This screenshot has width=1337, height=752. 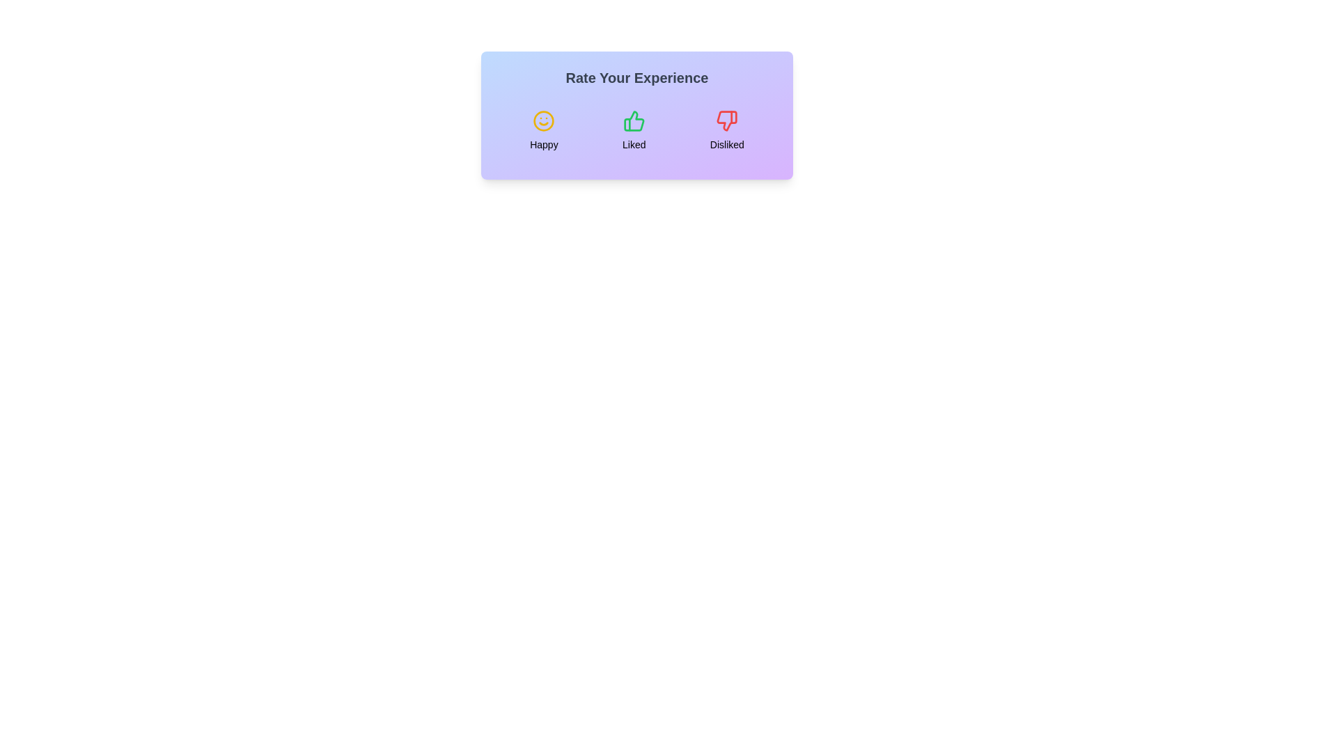 I want to click on the thumbs-up icon in the center of the group of clickable items, so click(x=636, y=131).